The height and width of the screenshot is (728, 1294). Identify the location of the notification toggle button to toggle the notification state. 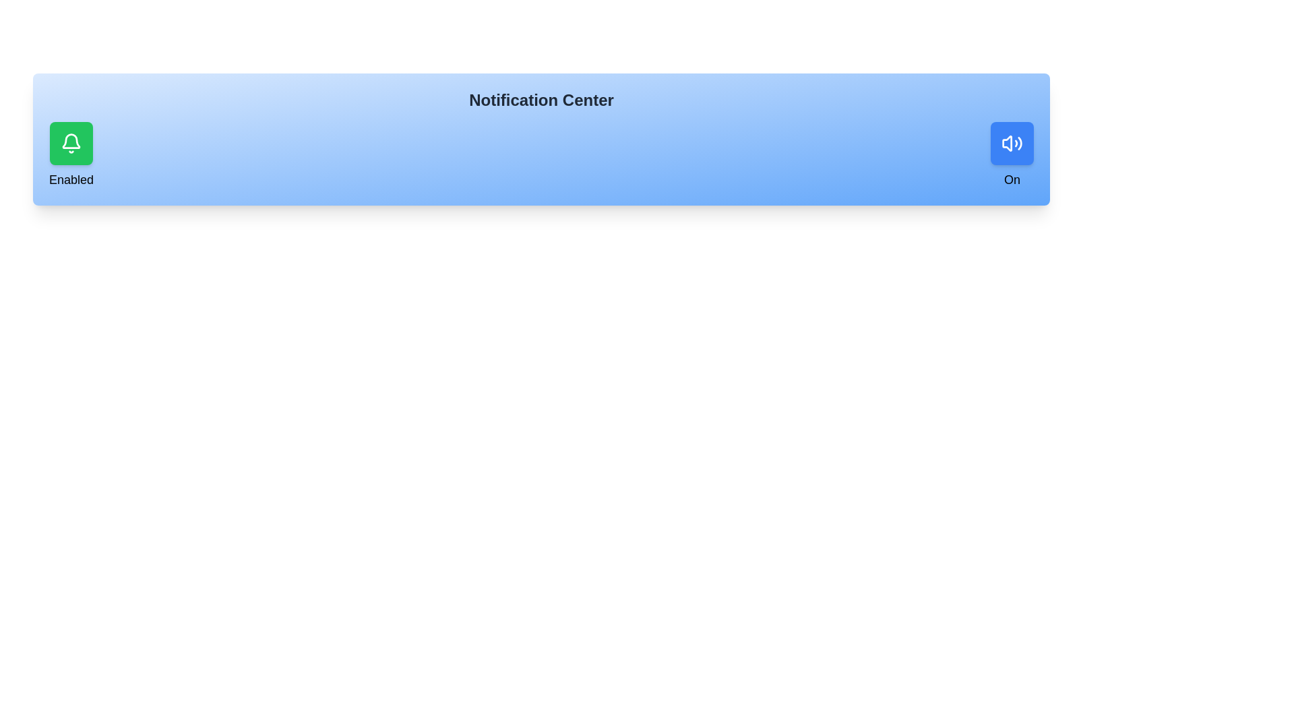
(70, 143).